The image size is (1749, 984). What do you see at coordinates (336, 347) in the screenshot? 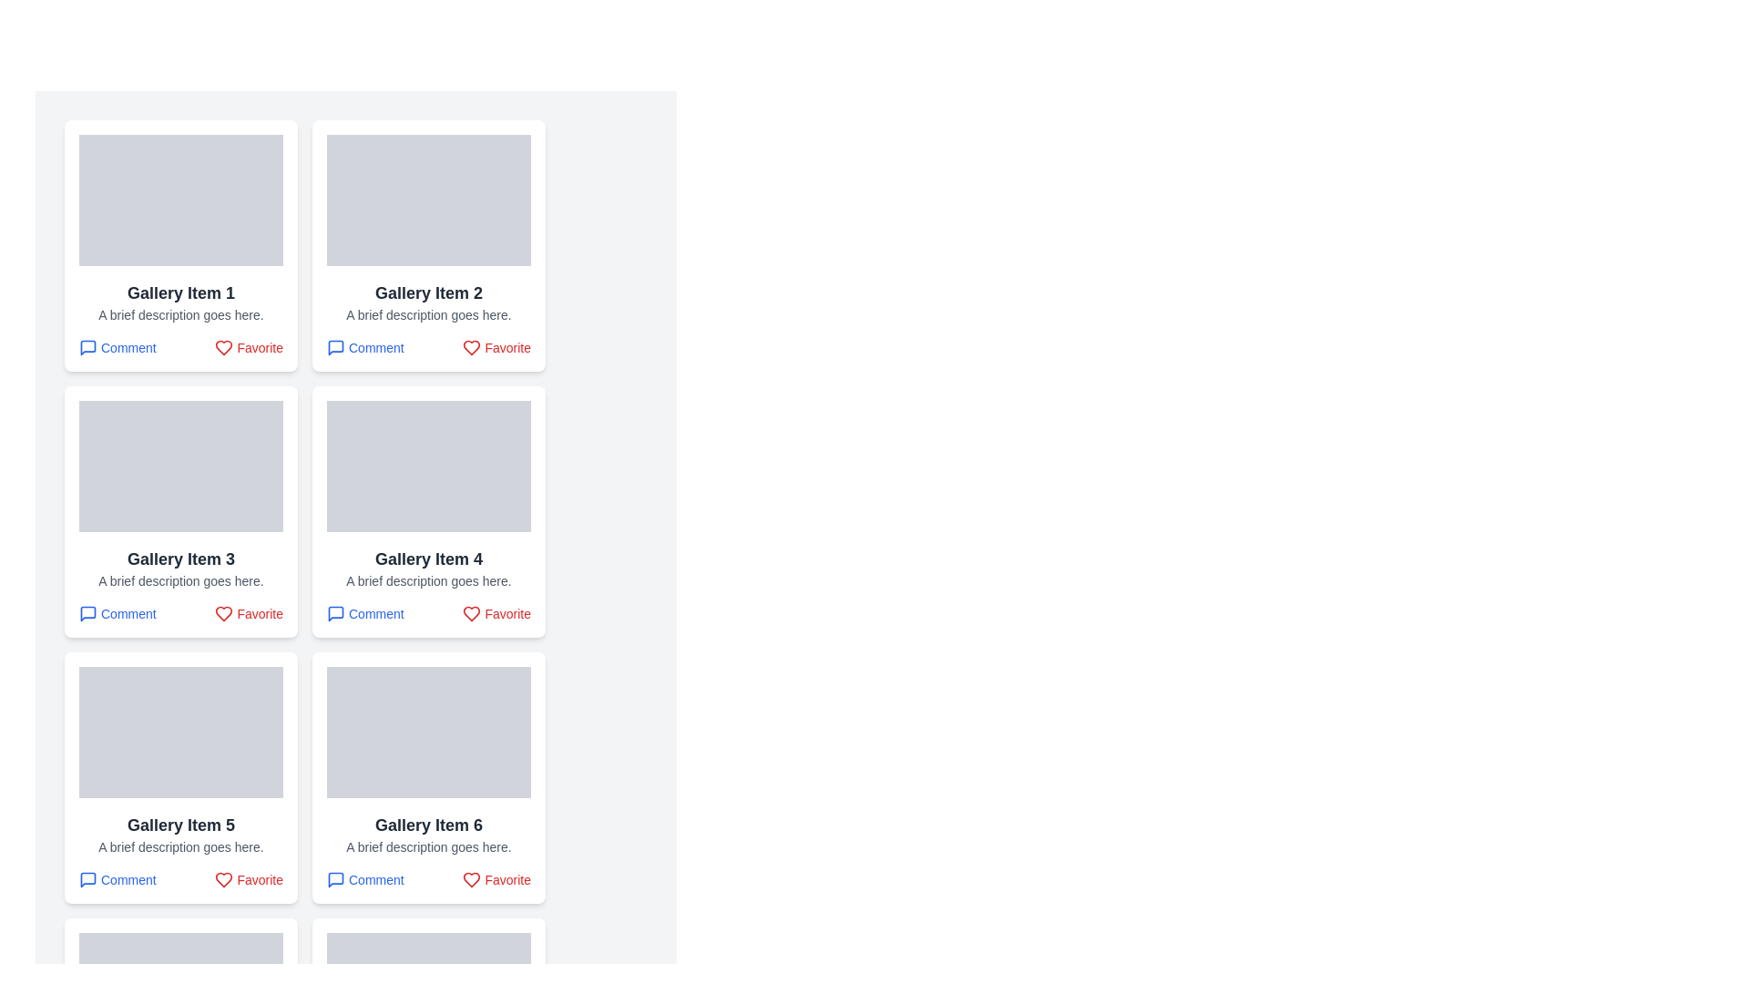
I see `the message square icon resembling a speech bubble, which is part of the comment option for the 'Gallery Item 2' card located in the top-right corner of the card` at bounding box center [336, 347].